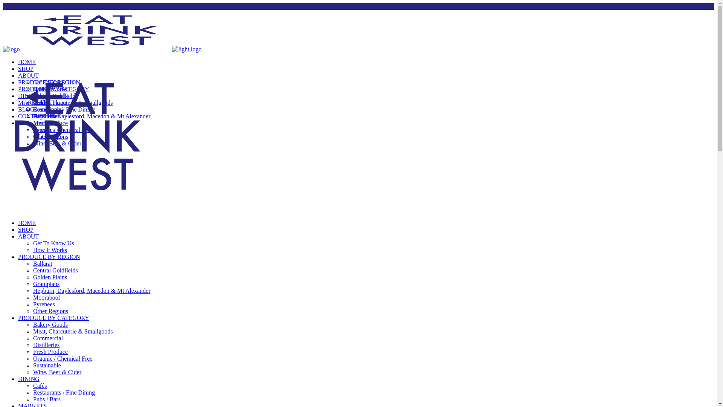 The width and height of the screenshot is (723, 407). What do you see at coordinates (32, 103) in the screenshot?
I see `'MARKETS'` at bounding box center [32, 103].